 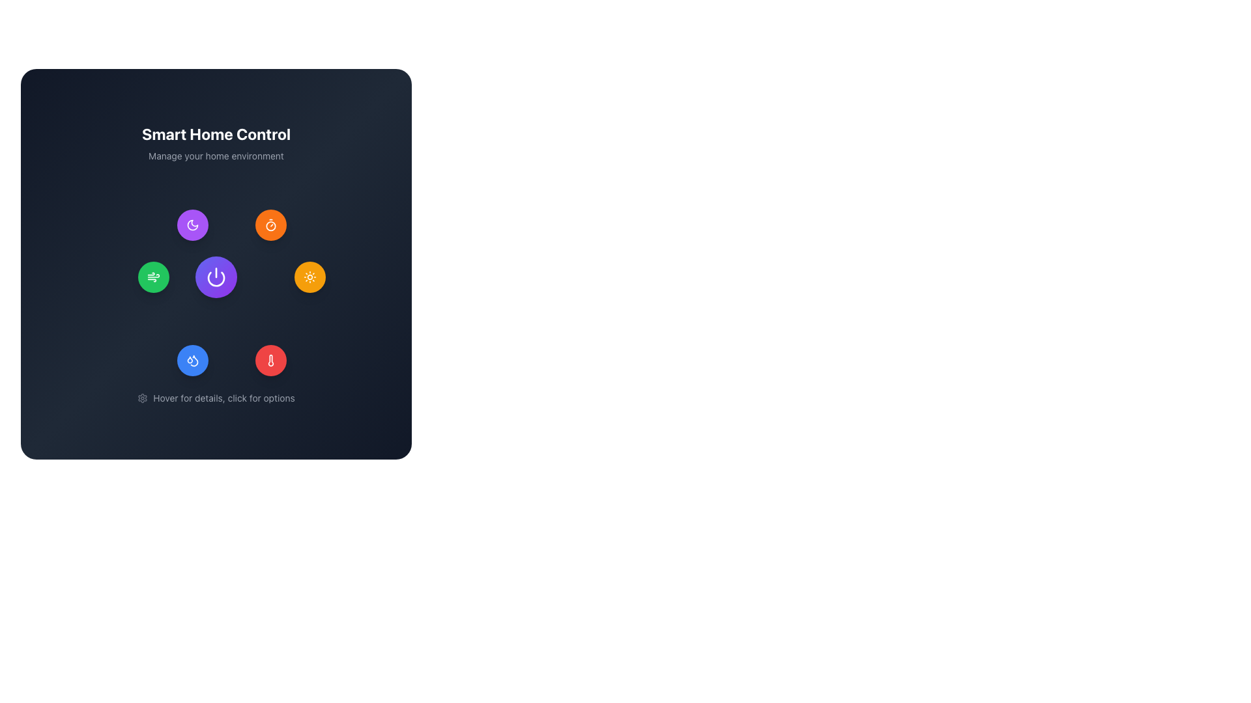 What do you see at coordinates (143, 398) in the screenshot?
I see `the gear-like icon representing settings or configurations located at the bottom center of the interface` at bounding box center [143, 398].